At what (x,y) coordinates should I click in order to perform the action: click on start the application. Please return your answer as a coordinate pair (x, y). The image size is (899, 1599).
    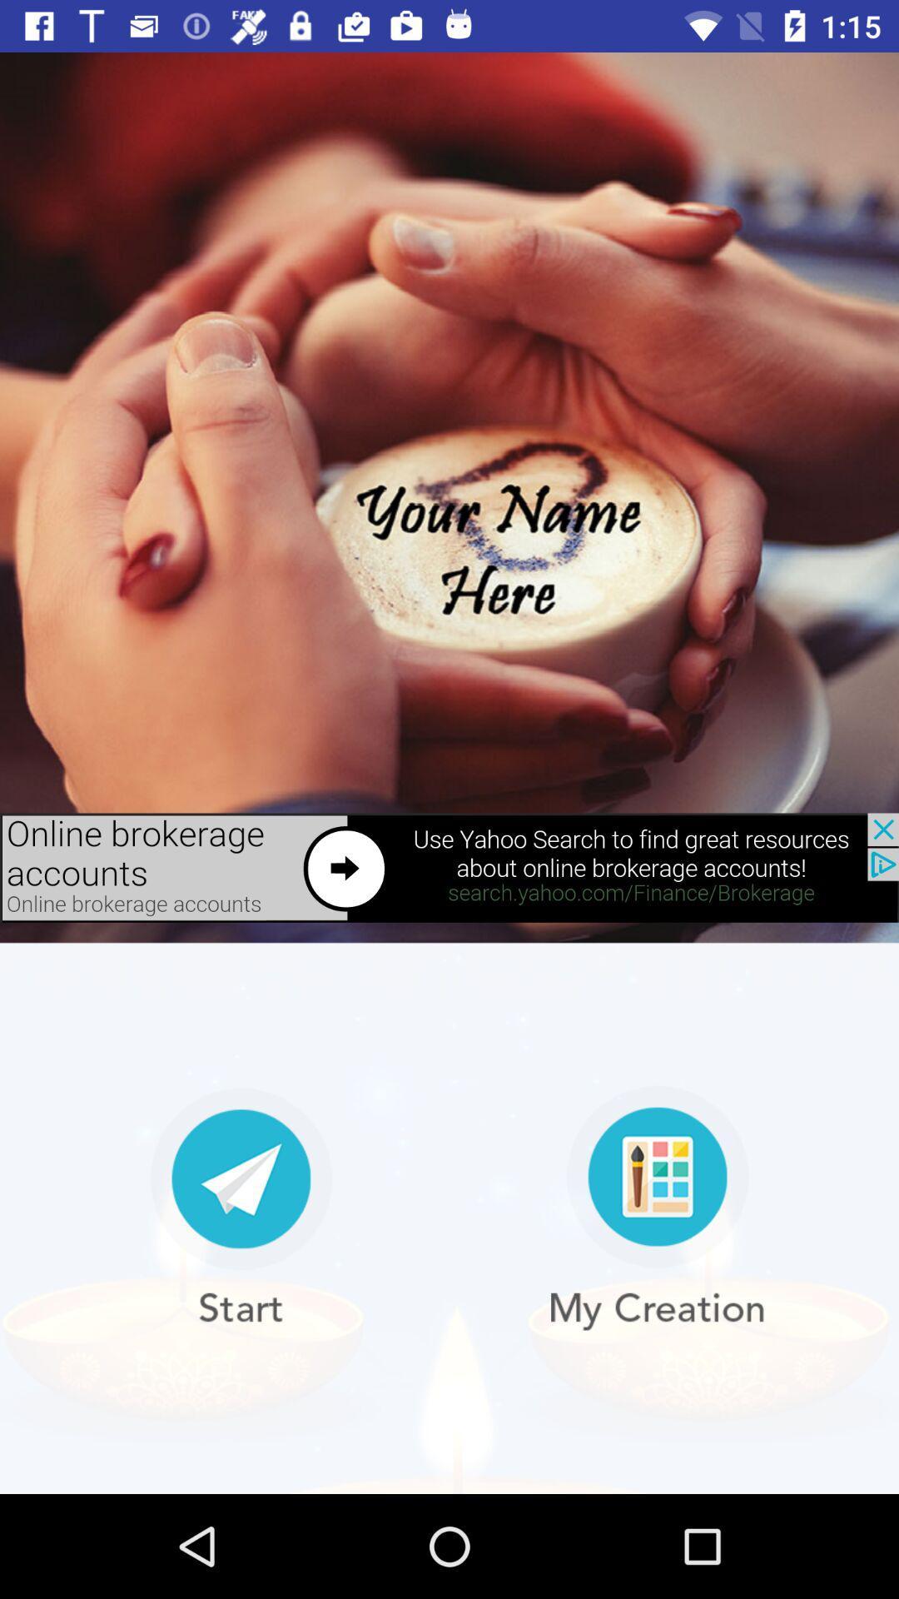
    Looking at the image, I should click on (241, 1208).